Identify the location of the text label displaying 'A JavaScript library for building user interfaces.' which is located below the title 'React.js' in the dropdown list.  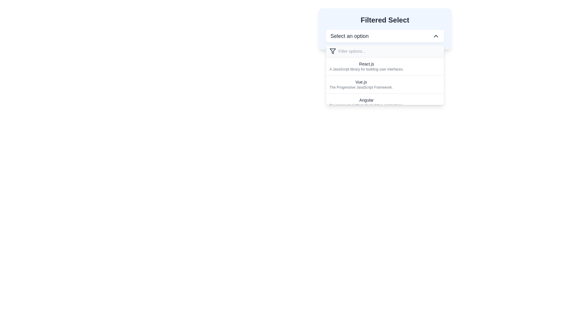
(366, 69).